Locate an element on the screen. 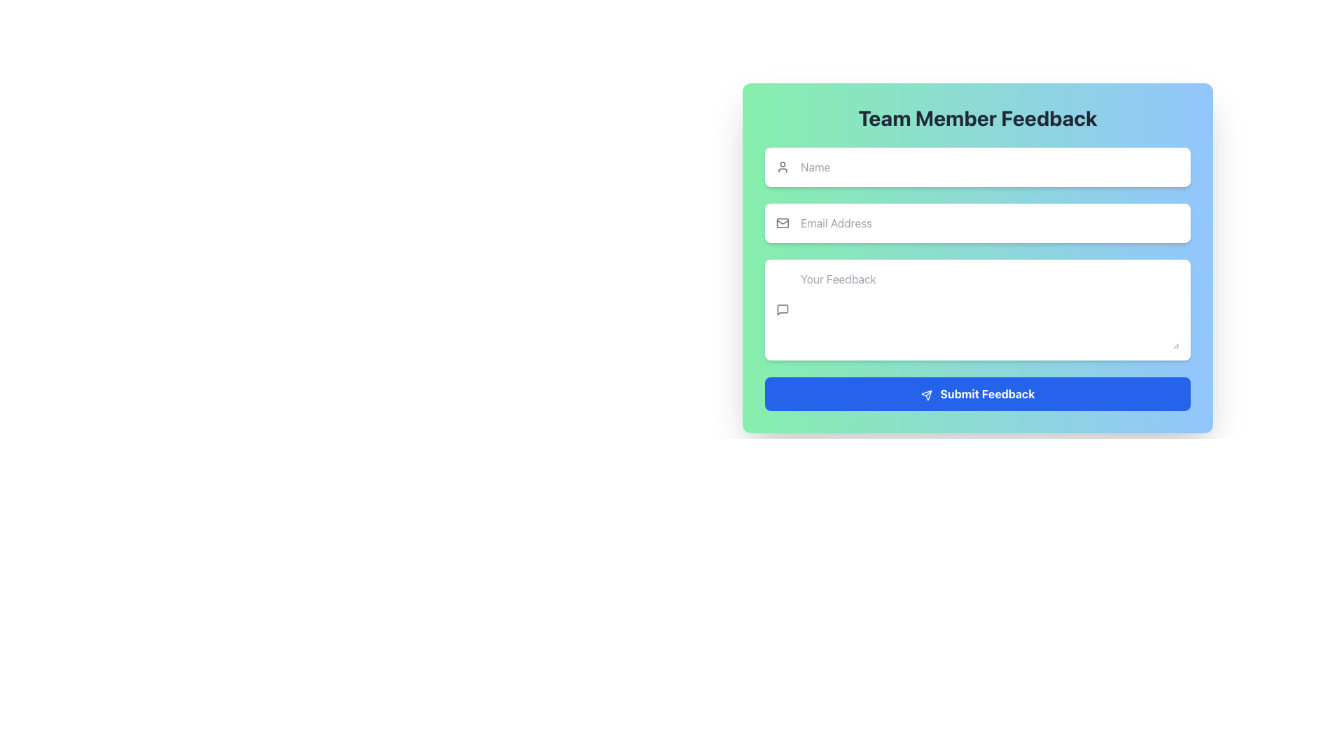 The height and width of the screenshot is (756, 1344). the paper plane icon located on the left side of the 'Submit Feedback' text within the blue button at the bottom of the form is located at coordinates (926, 395).